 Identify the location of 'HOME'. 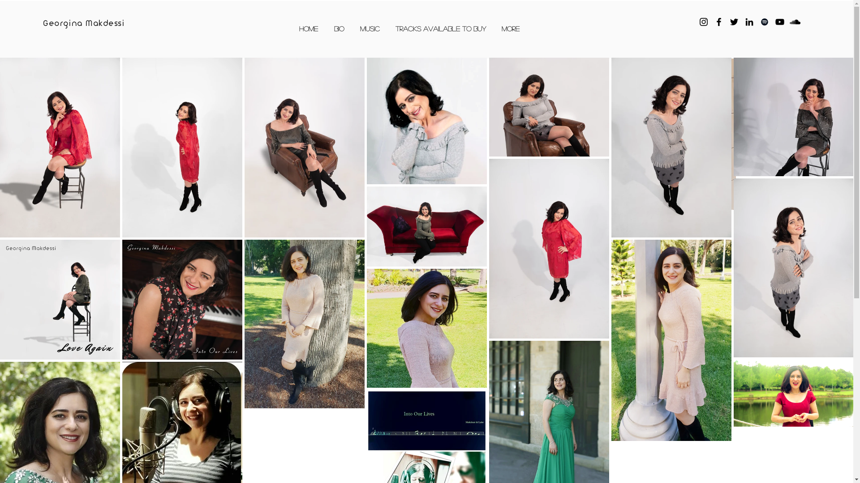
(309, 28).